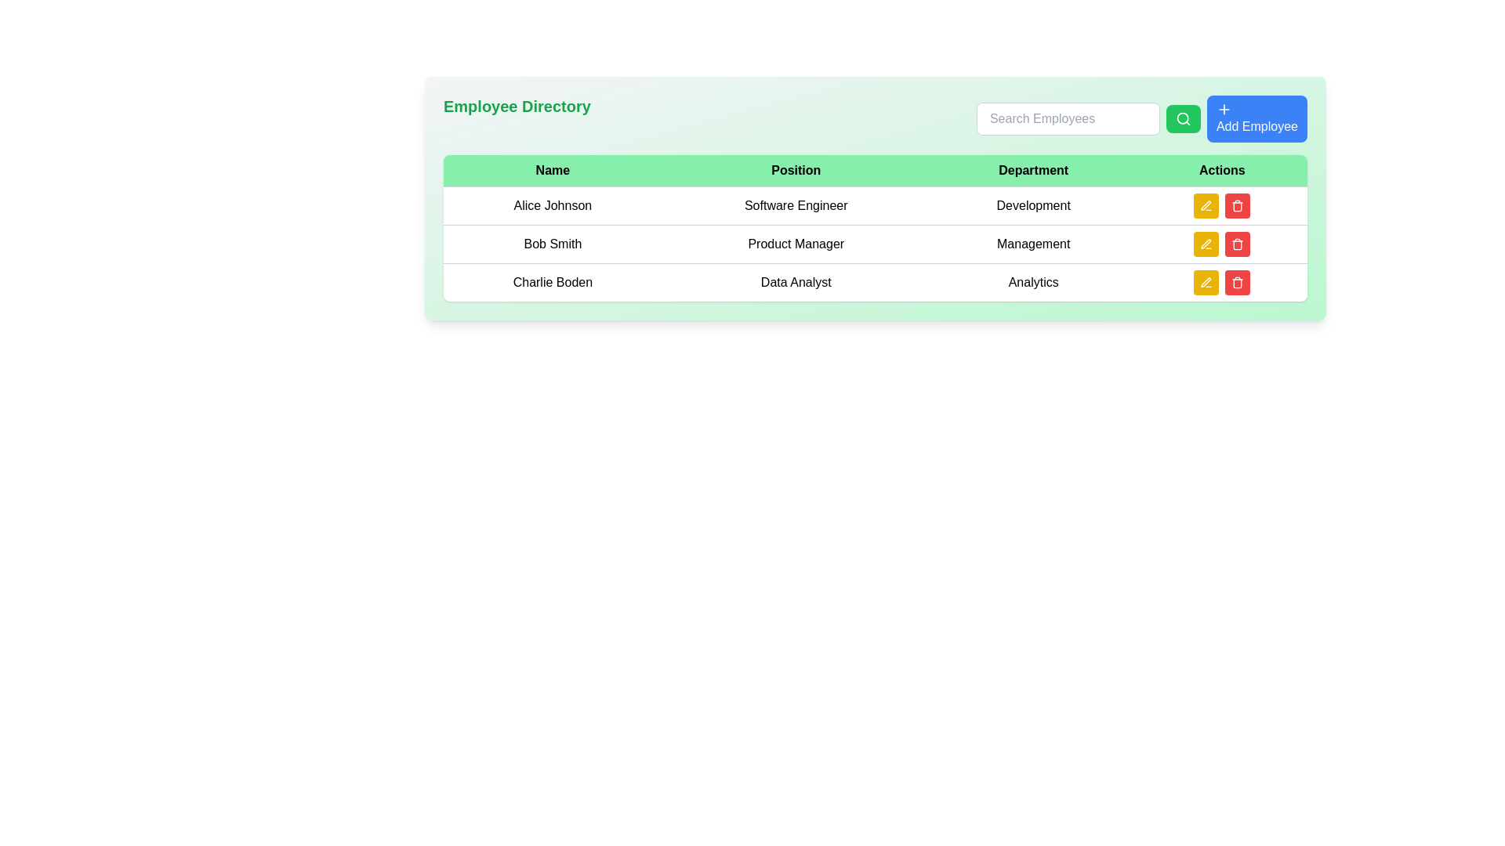  What do you see at coordinates (553, 282) in the screenshot?
I see `the static text label displaying 'Charlie Boden' in the third row of the table under the 'Name' column` at bounding box center [553, 282].